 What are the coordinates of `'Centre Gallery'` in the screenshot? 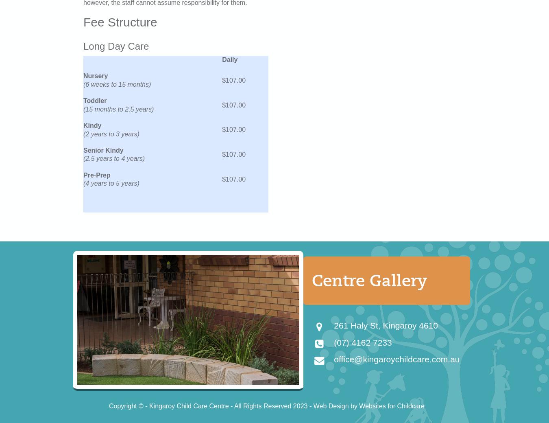 It's located at (311, 280).